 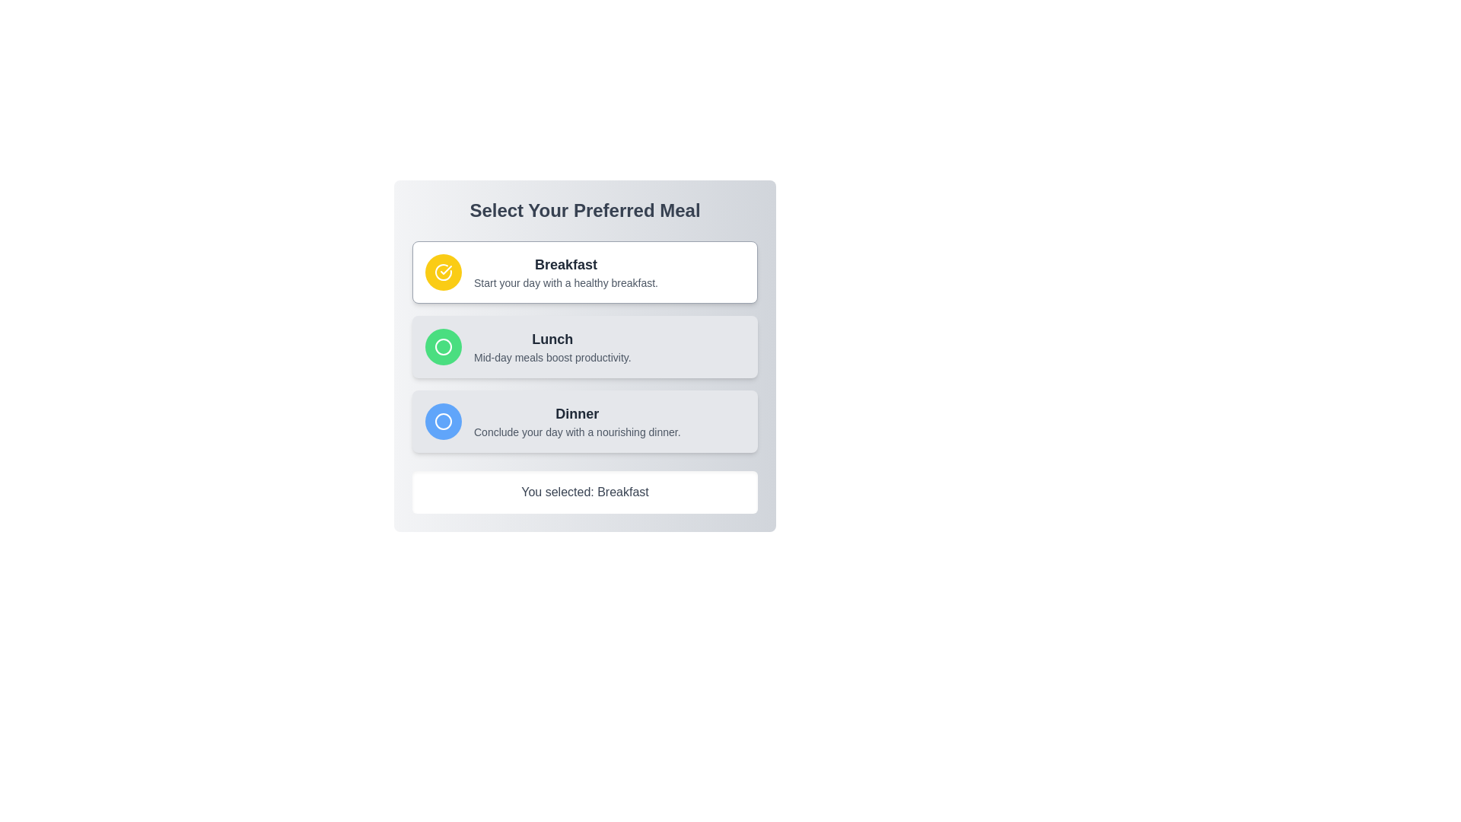 What do you see at coordinates (584, 346) in the screenshot?
I see `the 'Lunch' selectable option with a green circular icon and accompanying text` at bounding box center [584, 346].